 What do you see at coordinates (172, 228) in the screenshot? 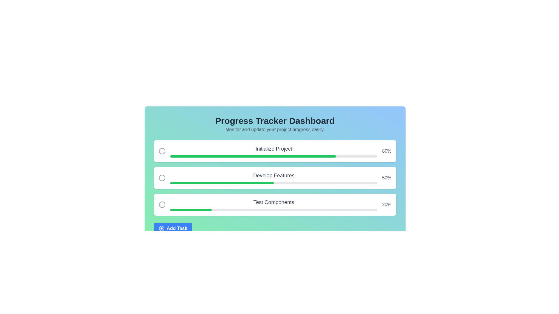
I see `the button that allows users to add a new task to the progress tracker to observe the hover effect` at bounding box center [172, 228].